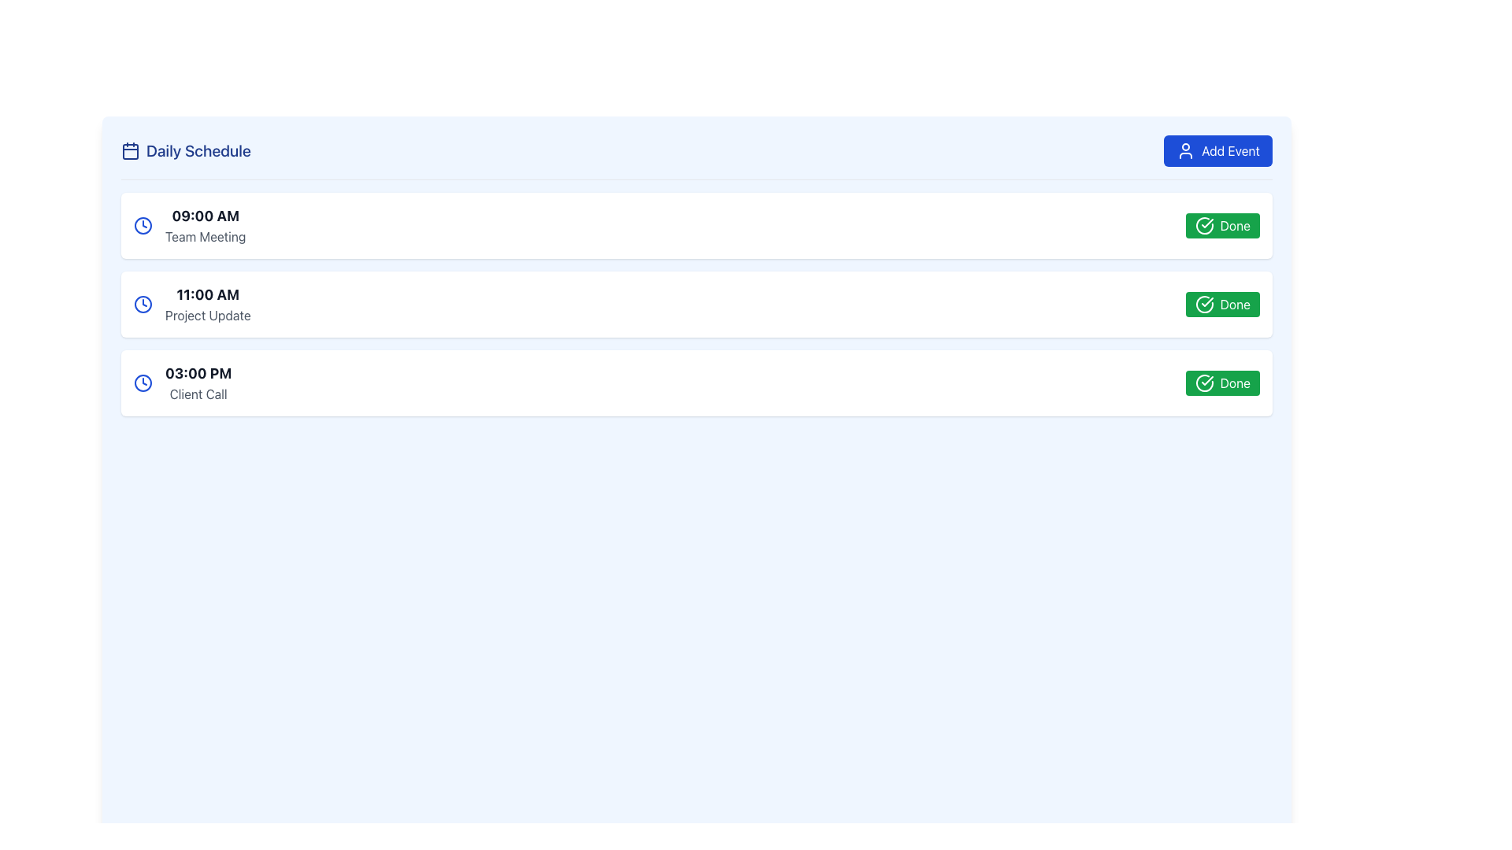 This screenshot has width=1512, height=850. I want to click on the calendar icon with a blue outline located to the left of the heading 'Daily Schedule', so click(131, 151).